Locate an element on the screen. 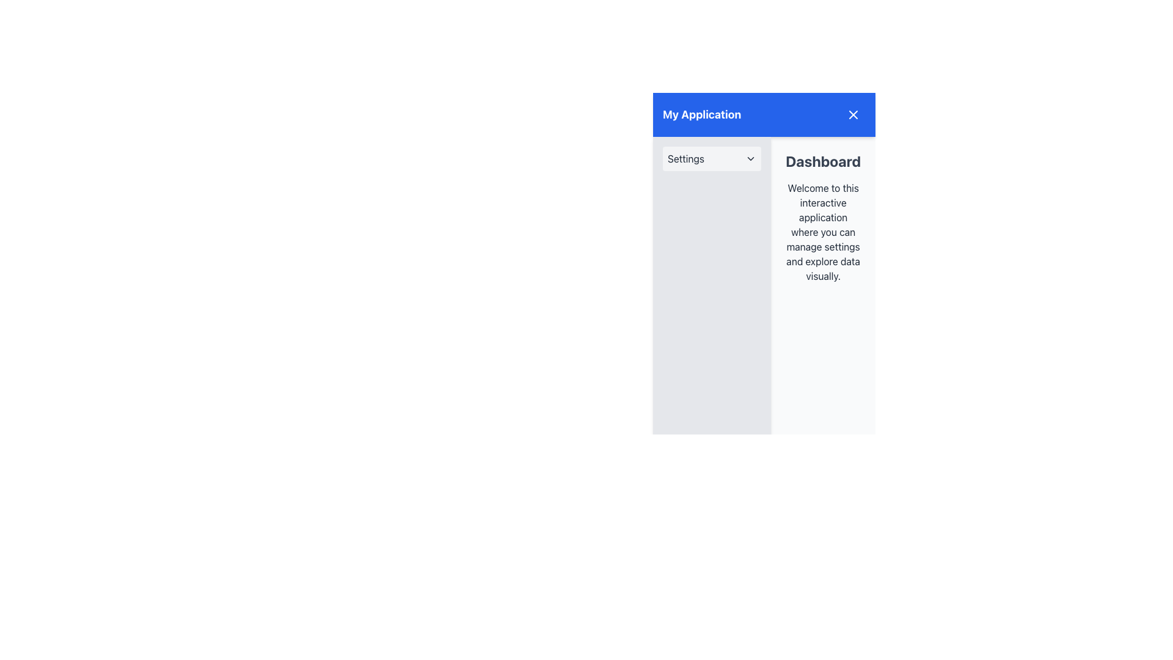 Image resolution: width=1173 pixels, height=660 pixels. the 'Settings' text label located in the left sidebar of the application, which is displayed in a lightly bold font against a light gray background is located at coordinates (686, 158).